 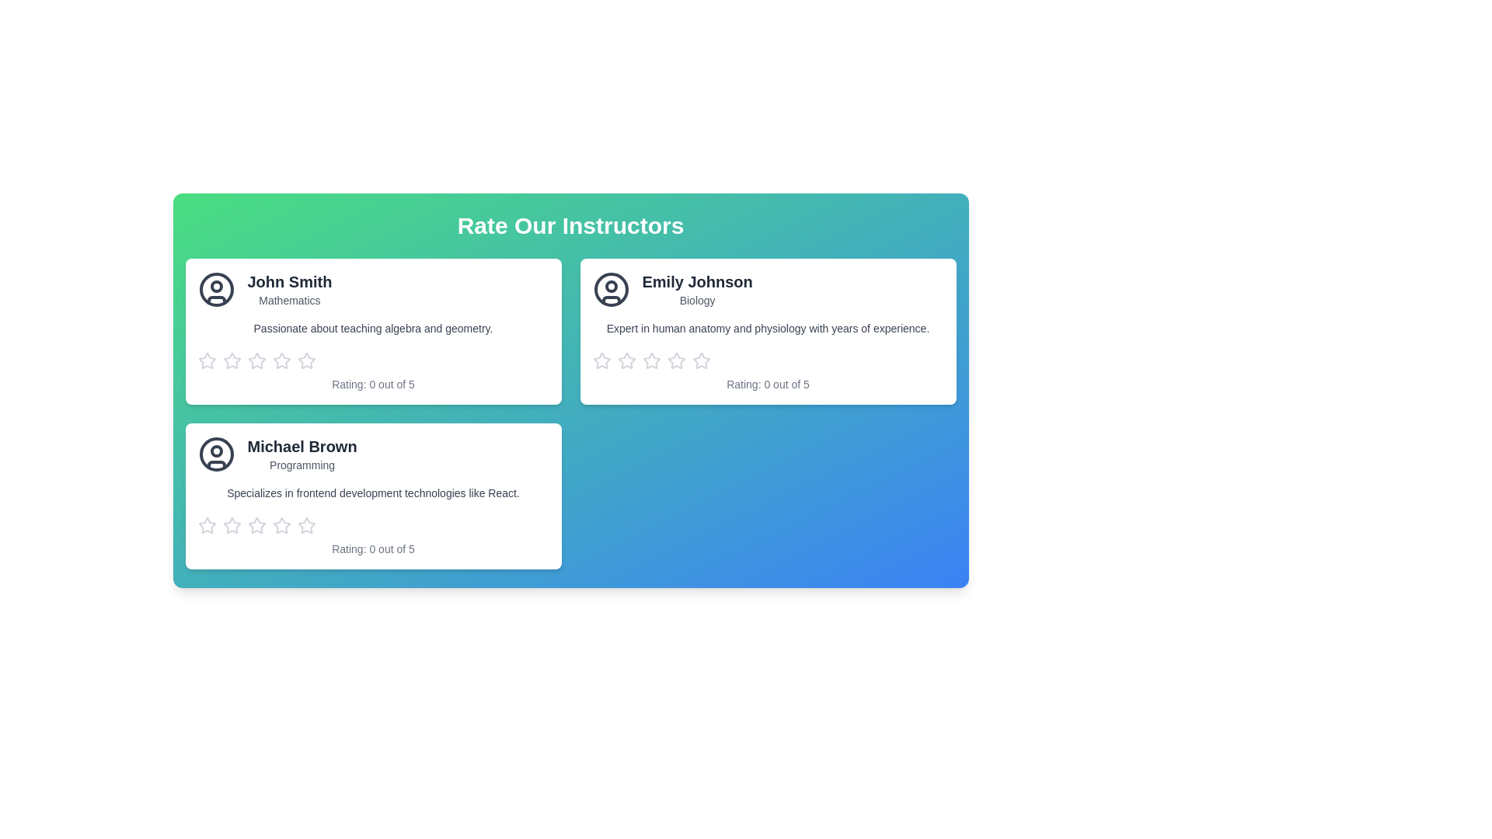 What do you see at coordinates (206, 525) in the screenshot?
I see `the first star-shaped rating icon with a hollow fill and gray border under the profile card for 'Michael Brown' in the 'Rate Our Instructors' section` at bounding box center [206, 525].